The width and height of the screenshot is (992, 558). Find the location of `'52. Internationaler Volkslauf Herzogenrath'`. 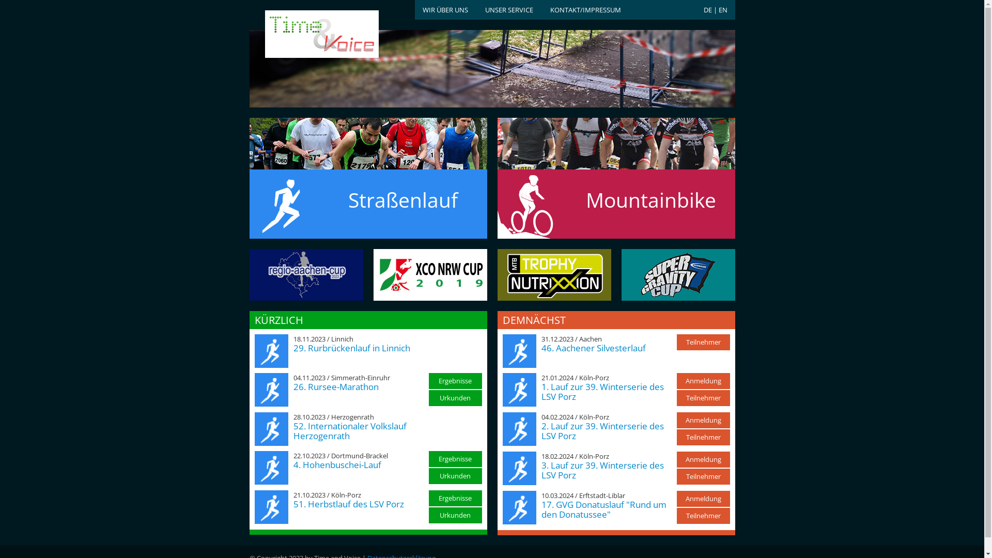

'52. Internationaler Volkslauf Herzogenrath' is located at coordinates (350, 430).